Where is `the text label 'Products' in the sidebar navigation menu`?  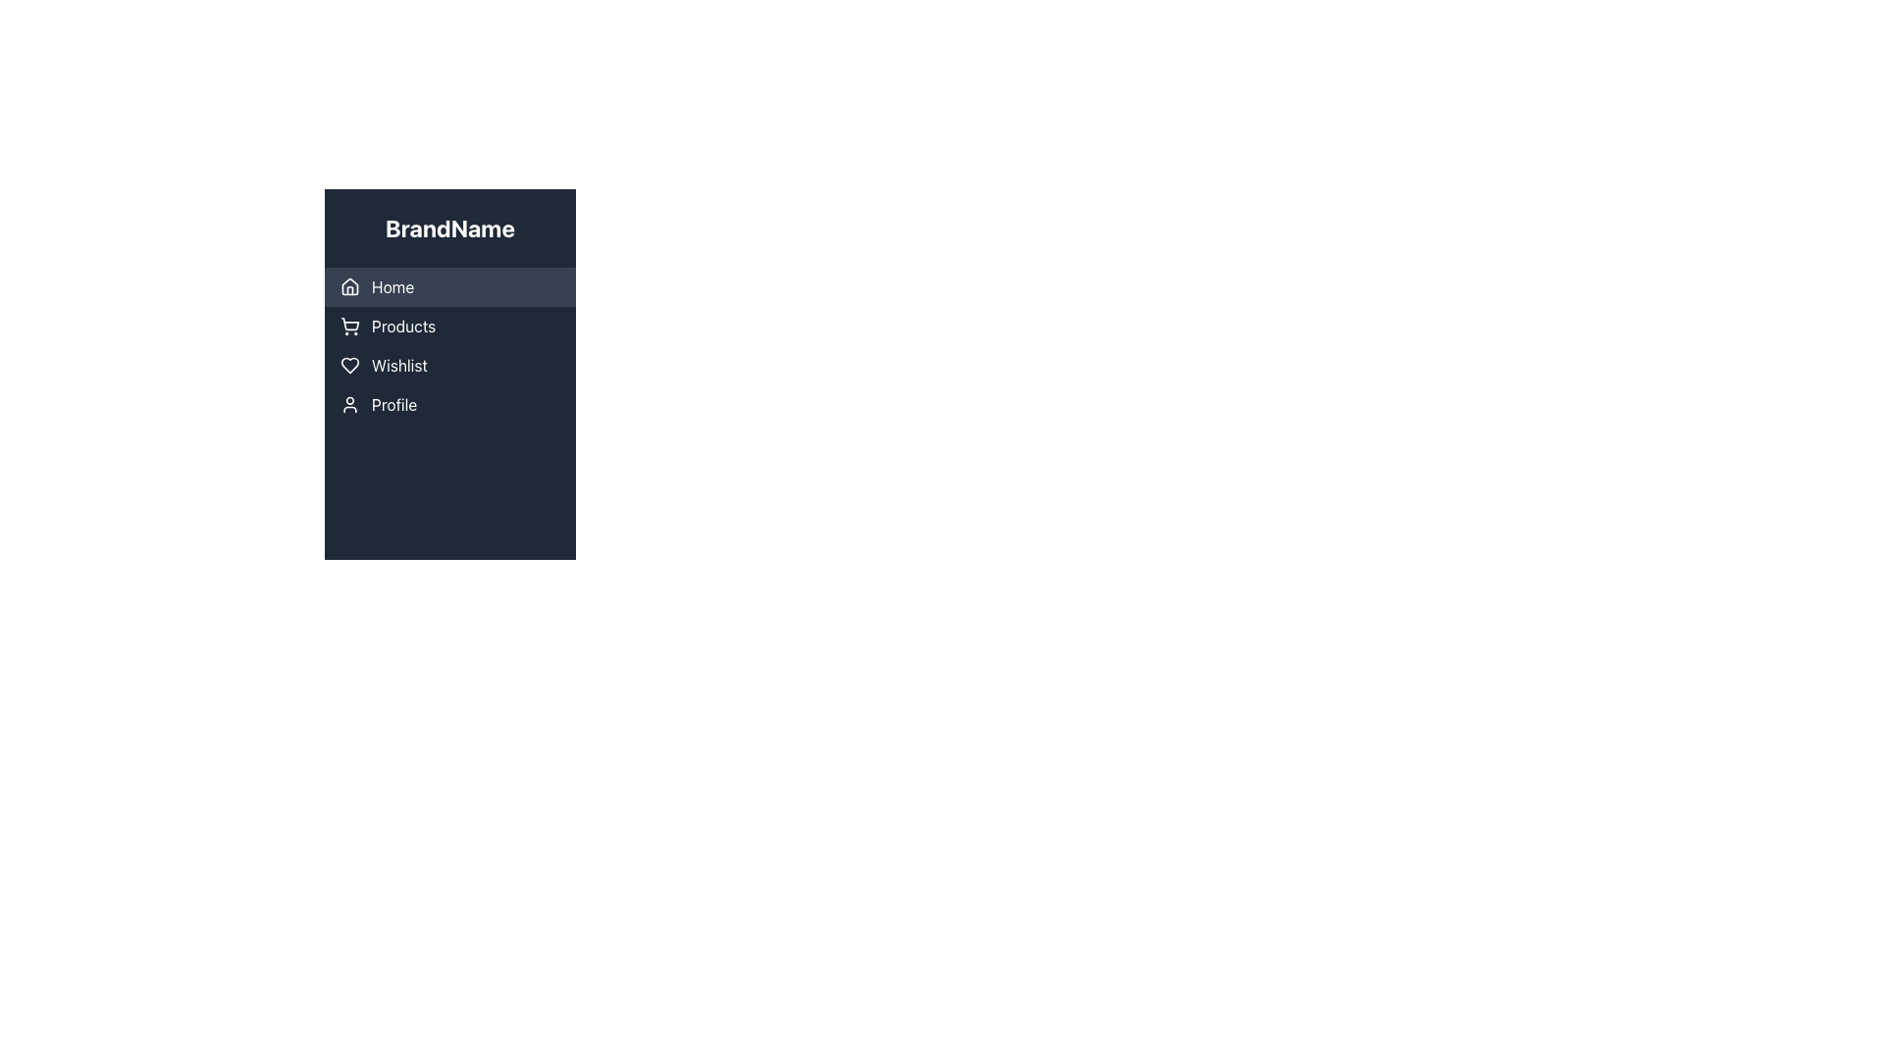
the text label 'Products' in the sidebar navigation menu is located at coordinates (402, 325).